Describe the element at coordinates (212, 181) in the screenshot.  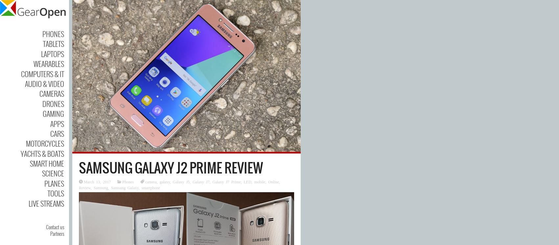
I see `'Galaxy J7 Prime'` at that location.